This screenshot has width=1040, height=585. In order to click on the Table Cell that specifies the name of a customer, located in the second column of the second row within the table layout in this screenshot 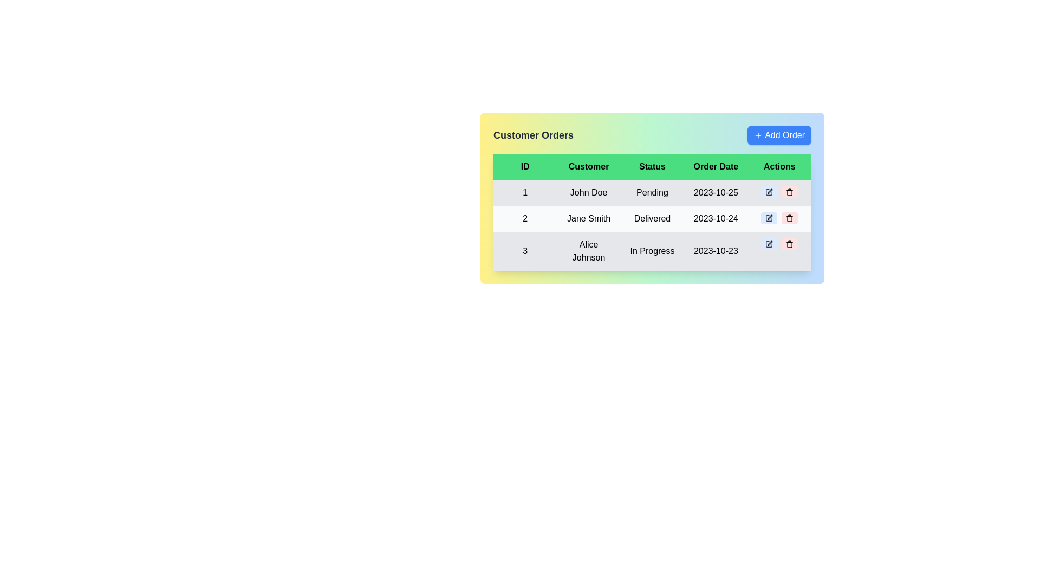, I will do `click(588, 219)`.